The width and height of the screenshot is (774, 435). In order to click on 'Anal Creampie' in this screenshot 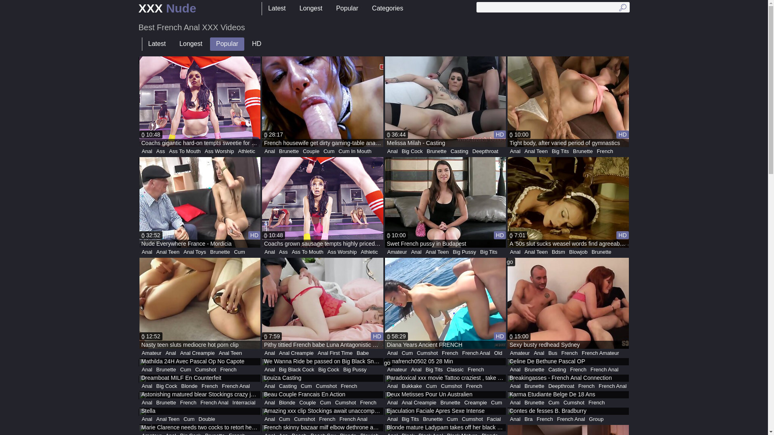, I will do `click(197, 352)`.